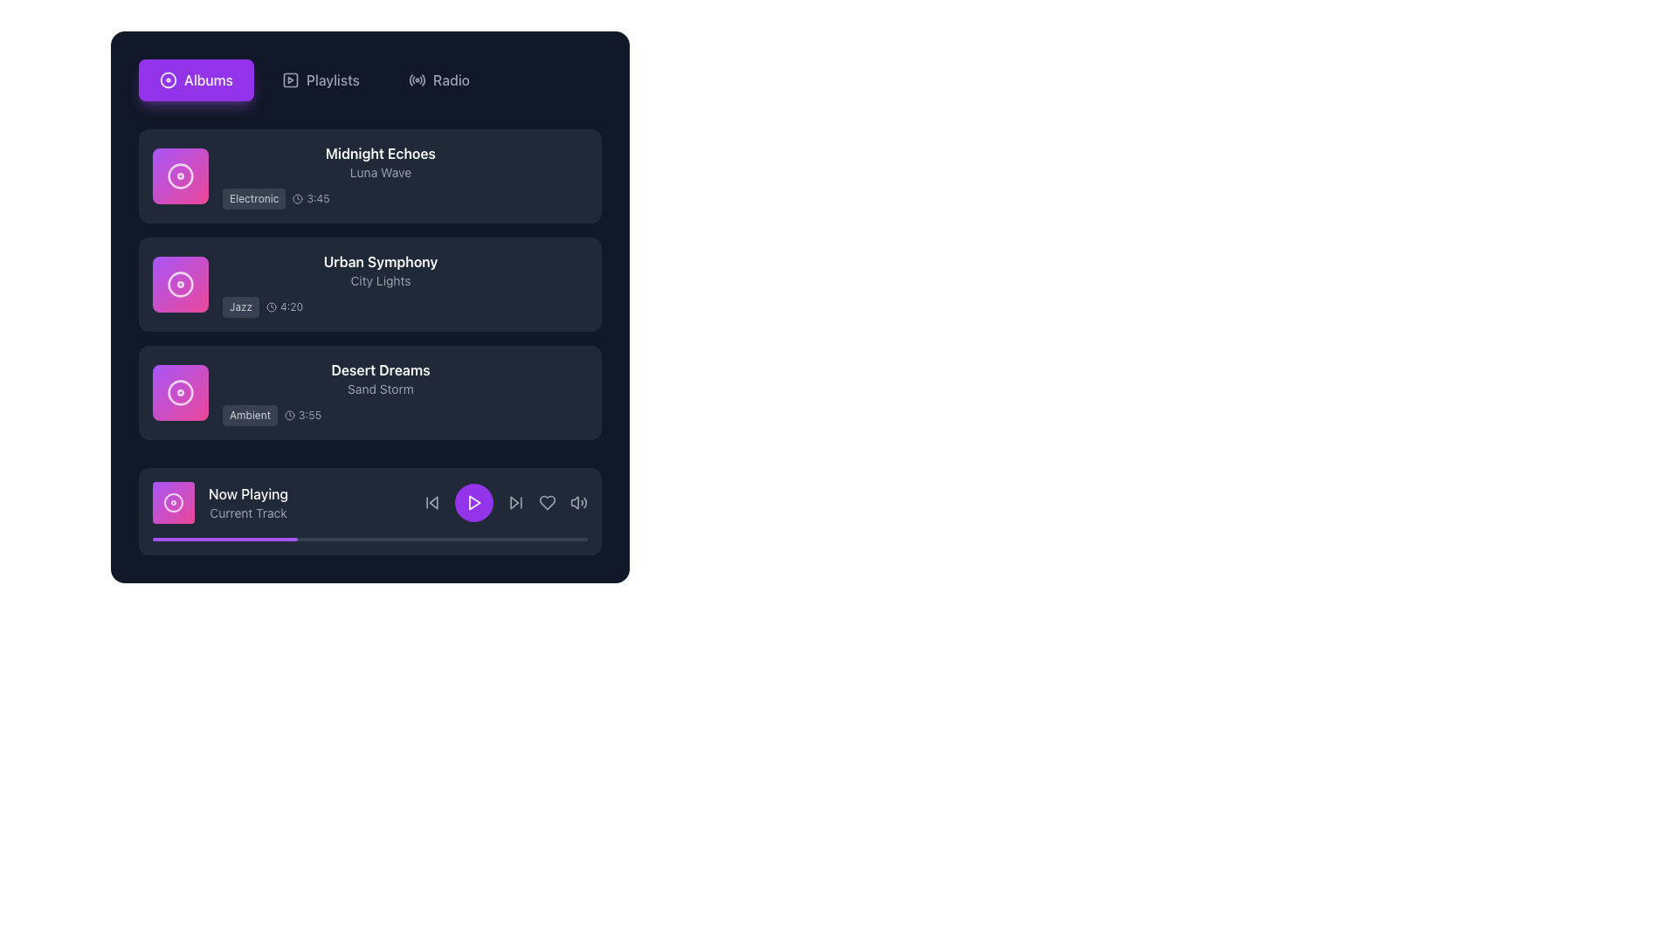 This screenshot has width=1677, height=943. I want to click on the progress bar value, so click(223, 538).